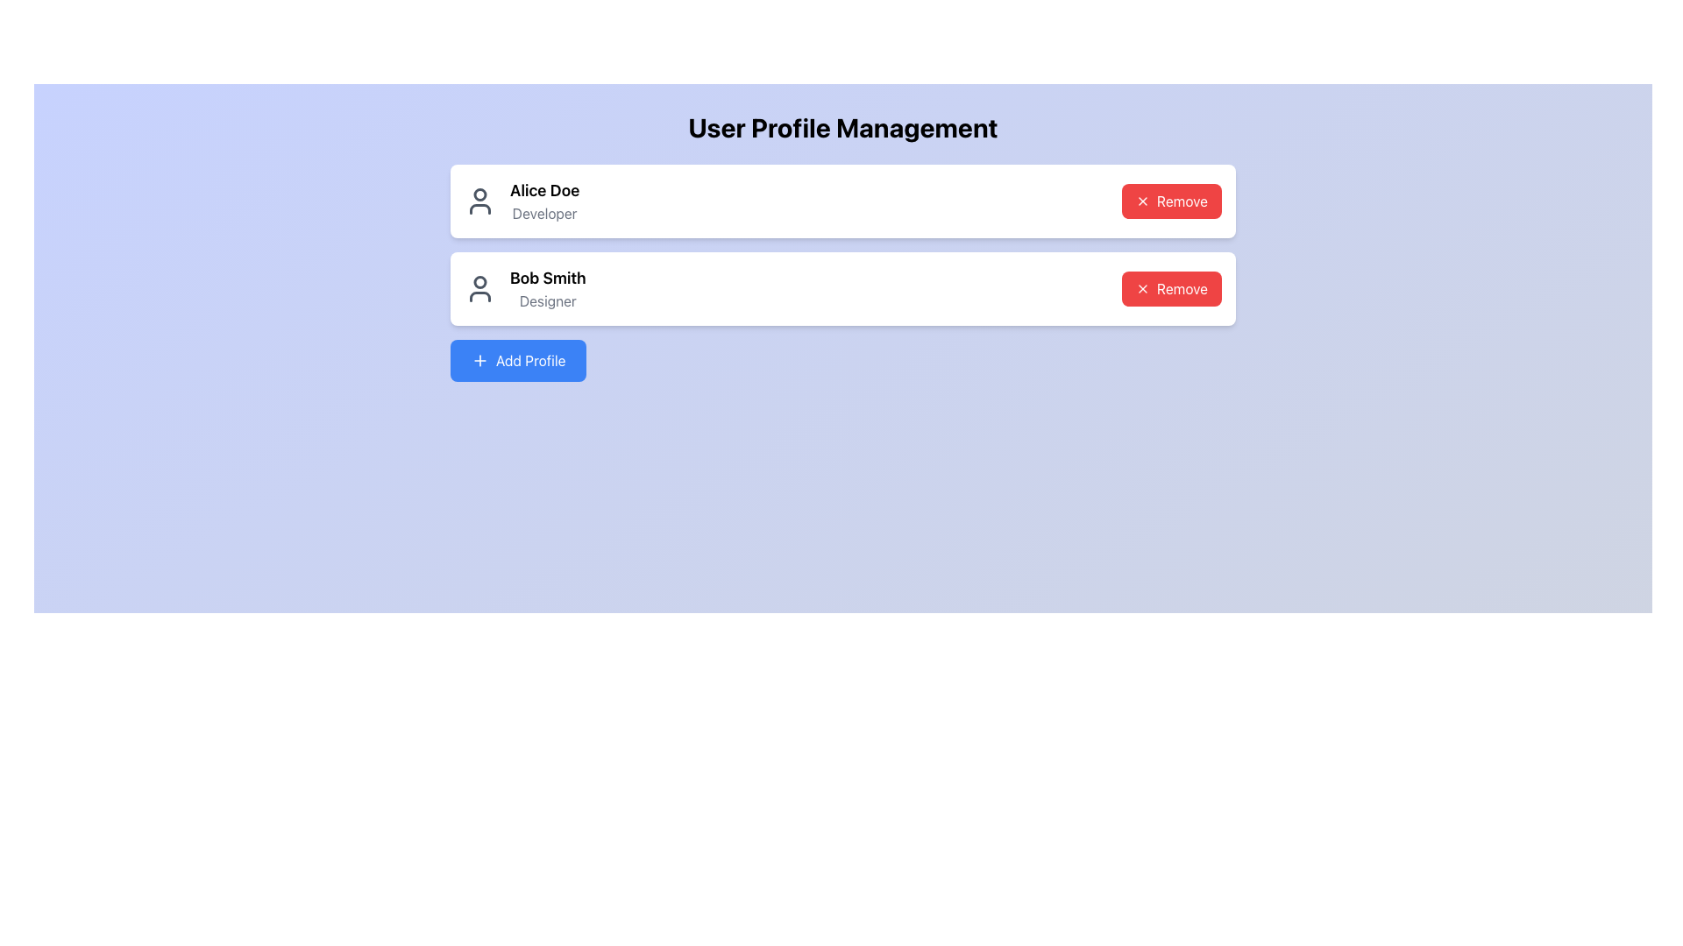  Describe the element at coordinates (521, 201) in the screenshot. I see `the first profile entry in the user profiles list, which displays the name and role of a user with an associated profile icon` at that location.